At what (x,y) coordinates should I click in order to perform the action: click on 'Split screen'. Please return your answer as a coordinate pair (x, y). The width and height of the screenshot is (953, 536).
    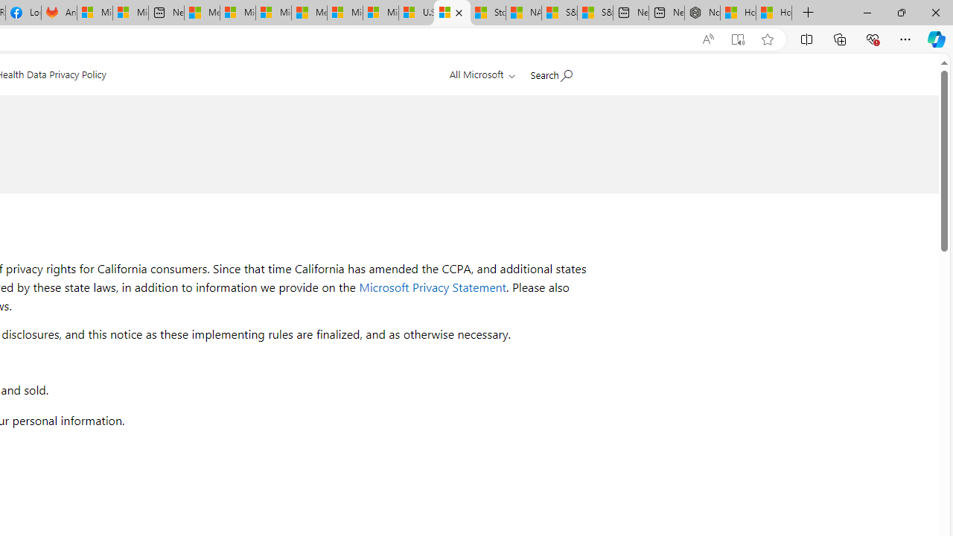
    Looking at the image, I should click on (806, 38).